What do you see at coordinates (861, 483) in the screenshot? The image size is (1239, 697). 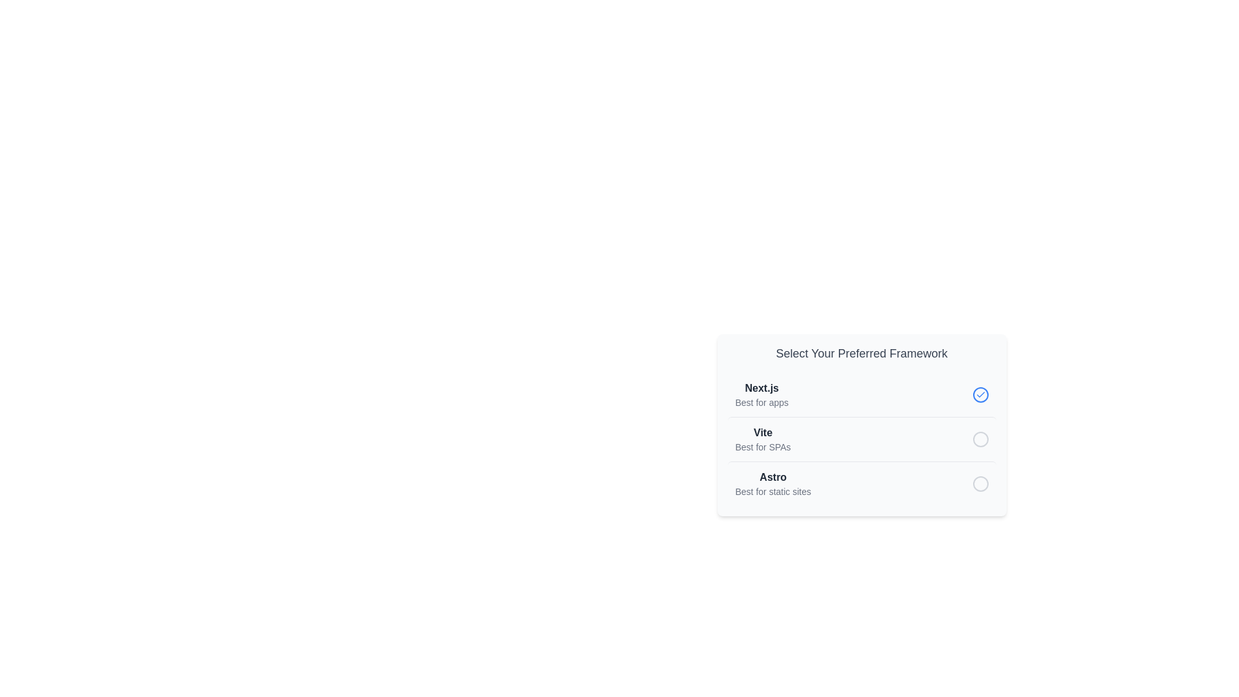 I see `the Selectable Option Card for 'Astro'` at bounding box center [861, 483].